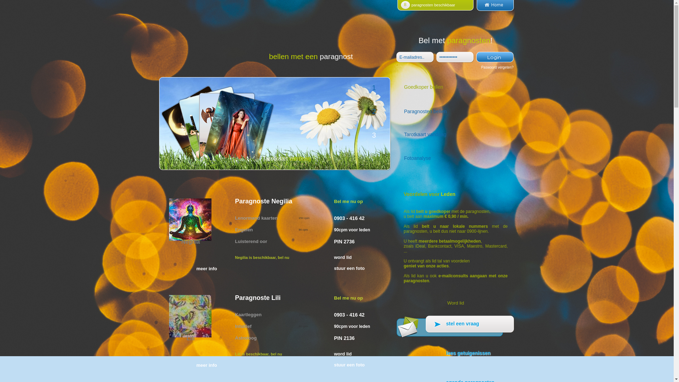 This screenshot has width=679, height=382. I want to click on 'Kaartleggen', so click(234, 314).